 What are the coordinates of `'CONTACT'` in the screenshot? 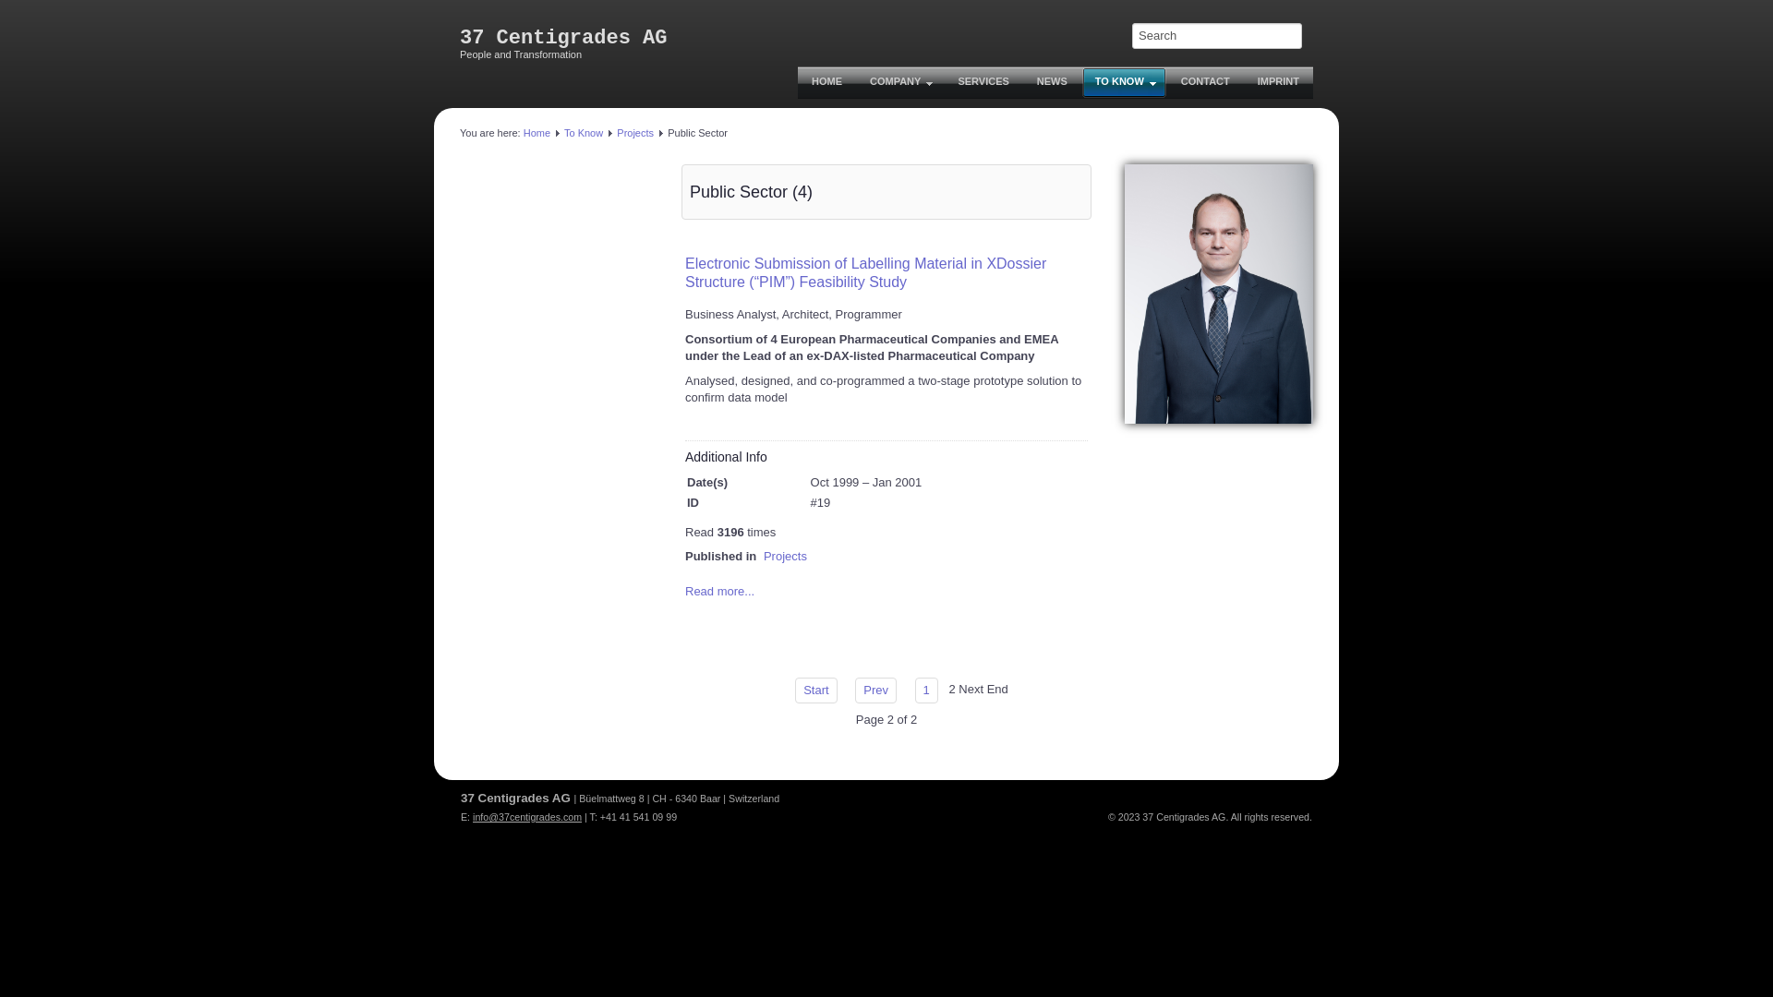 It's located at (1205, 81).